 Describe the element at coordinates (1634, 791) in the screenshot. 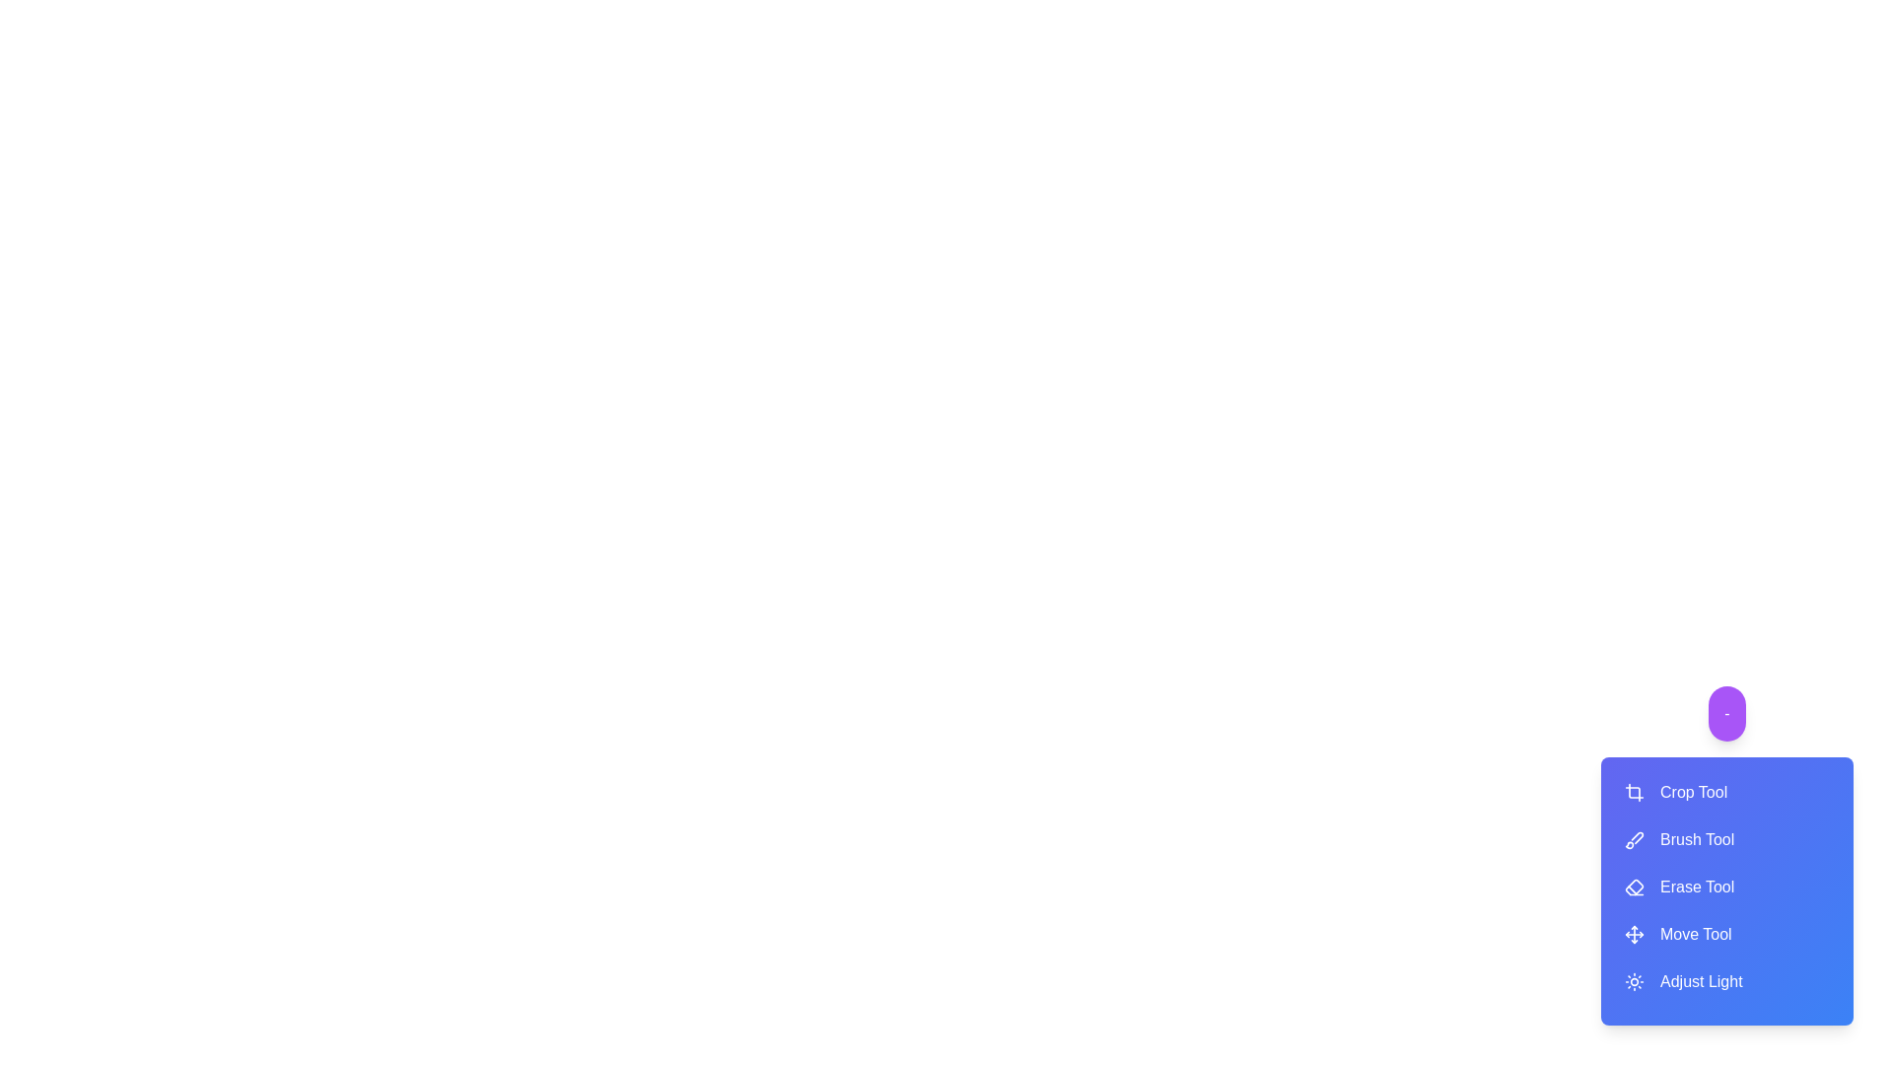

I see `the 'Crop Tool' icon, which is a small 20x20 pixel square featuring a cropping tool design with intersecting lines, located` at that location.